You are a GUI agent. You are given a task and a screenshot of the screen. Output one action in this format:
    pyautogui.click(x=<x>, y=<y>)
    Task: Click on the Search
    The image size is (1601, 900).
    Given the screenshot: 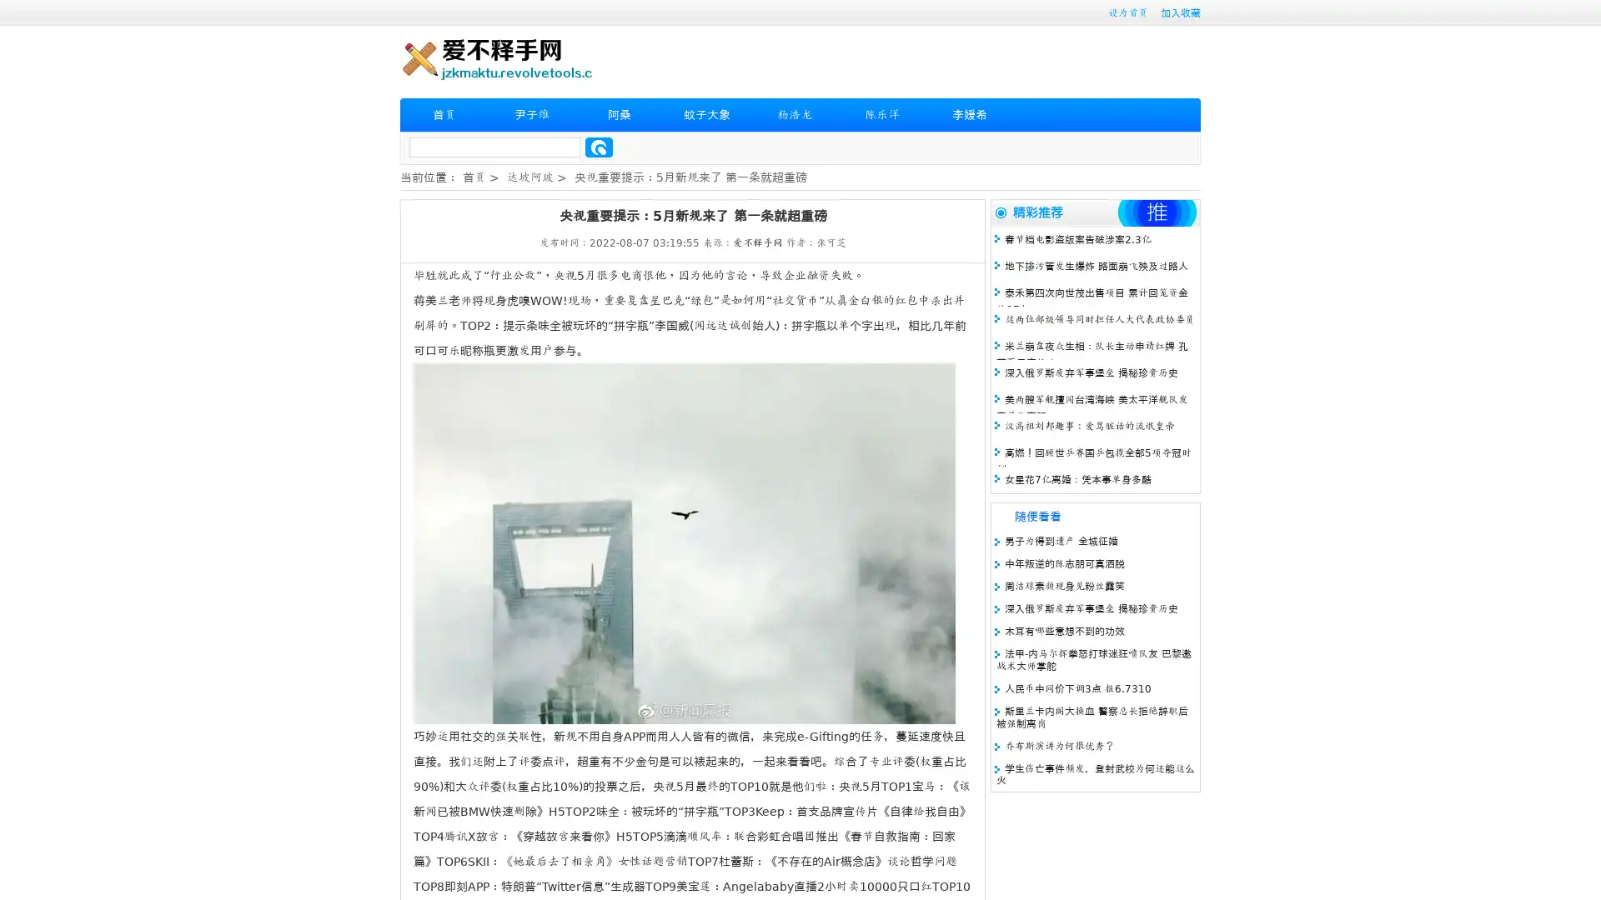 What is the action you would take?
    pyautogui.click(x=599, y=147)
    